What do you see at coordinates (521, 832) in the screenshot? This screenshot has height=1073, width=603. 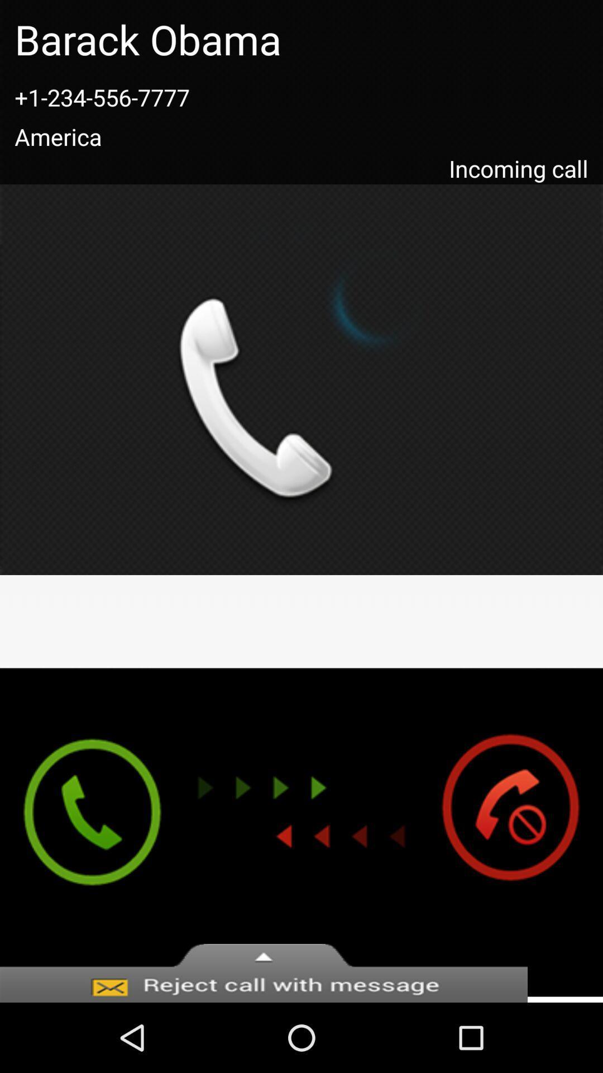 I see `the item at the bottom right corner` at bounding box center [521, 832].